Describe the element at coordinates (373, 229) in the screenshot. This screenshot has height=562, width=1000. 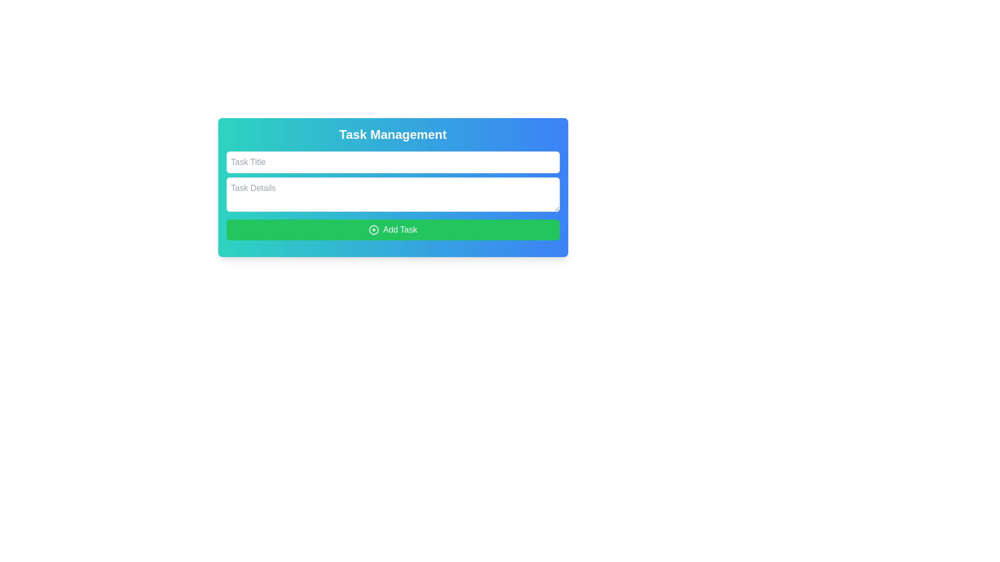
I see `the hollow circular outline of the 'plus in a circle' icon located to the left of the 'Add Task' button's label` at that location.